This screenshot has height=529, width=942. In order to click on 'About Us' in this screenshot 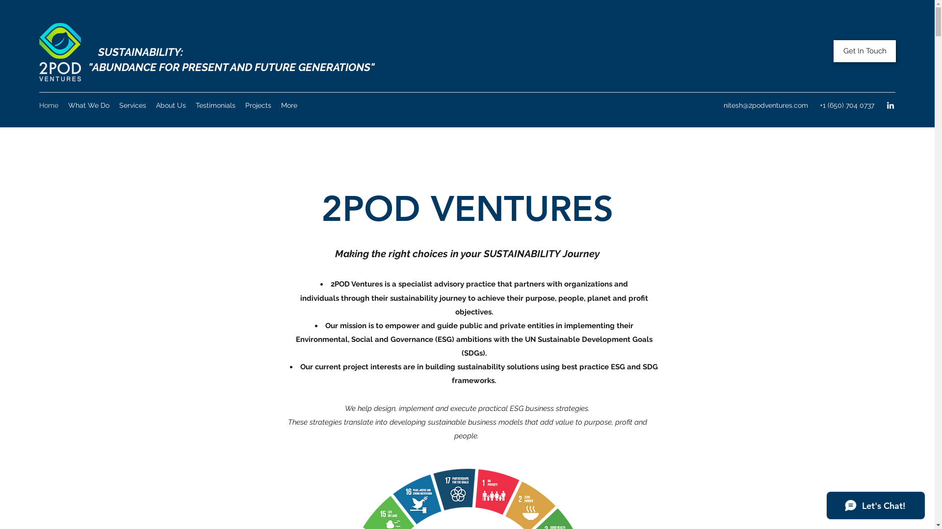, I will do `click(171, 105)`.